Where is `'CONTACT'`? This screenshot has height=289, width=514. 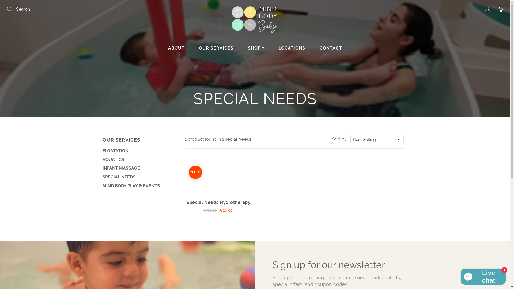 'CONTACT' is located at coordinates (313, 48).